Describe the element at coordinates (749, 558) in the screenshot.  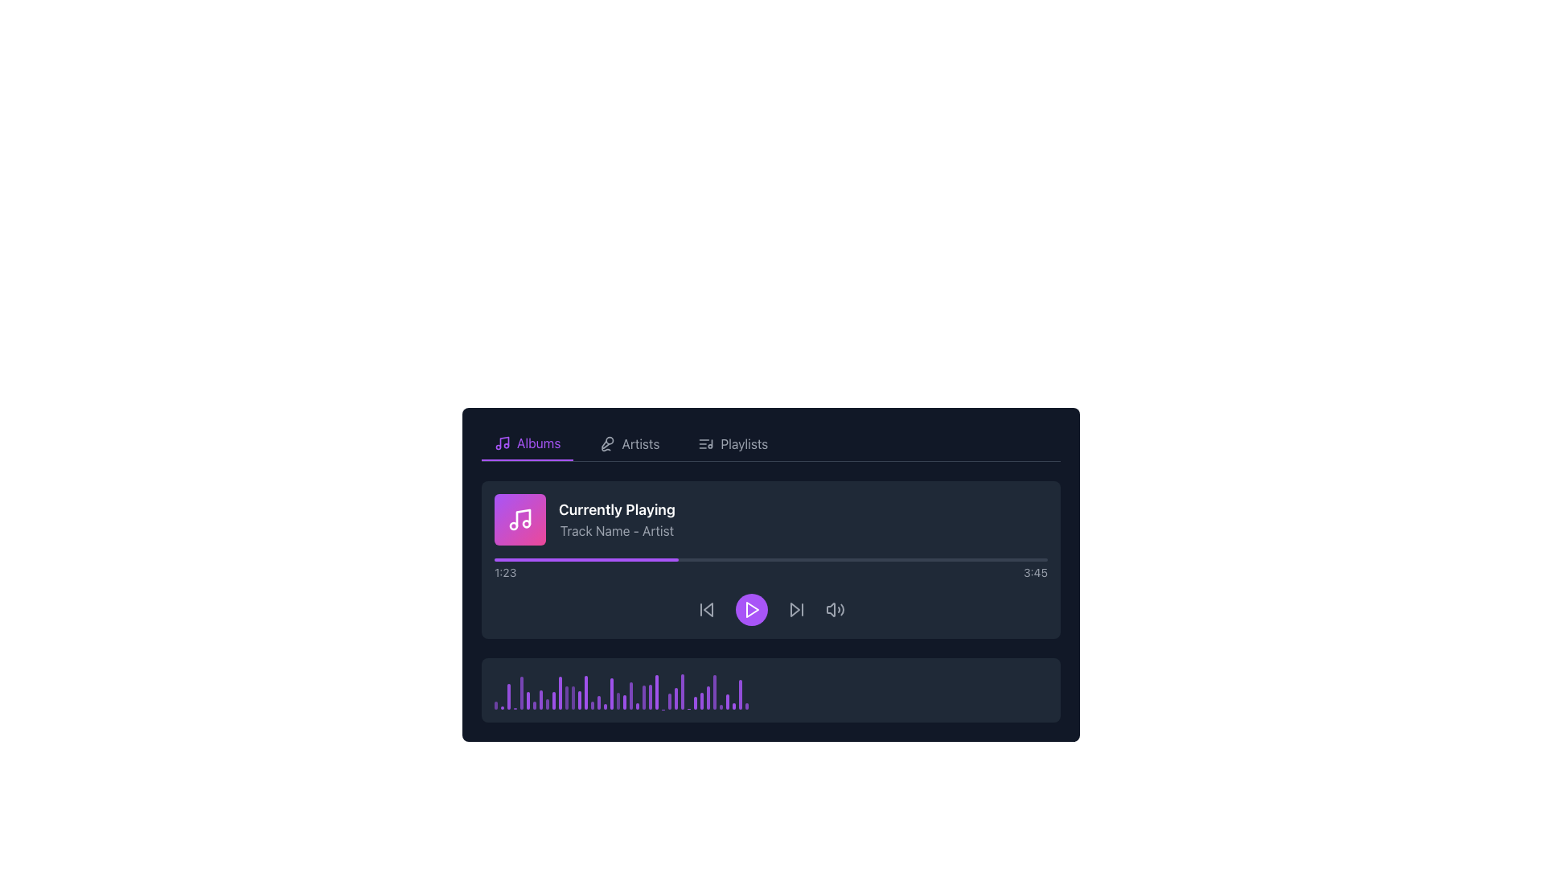
I see `the playback position` at that location.